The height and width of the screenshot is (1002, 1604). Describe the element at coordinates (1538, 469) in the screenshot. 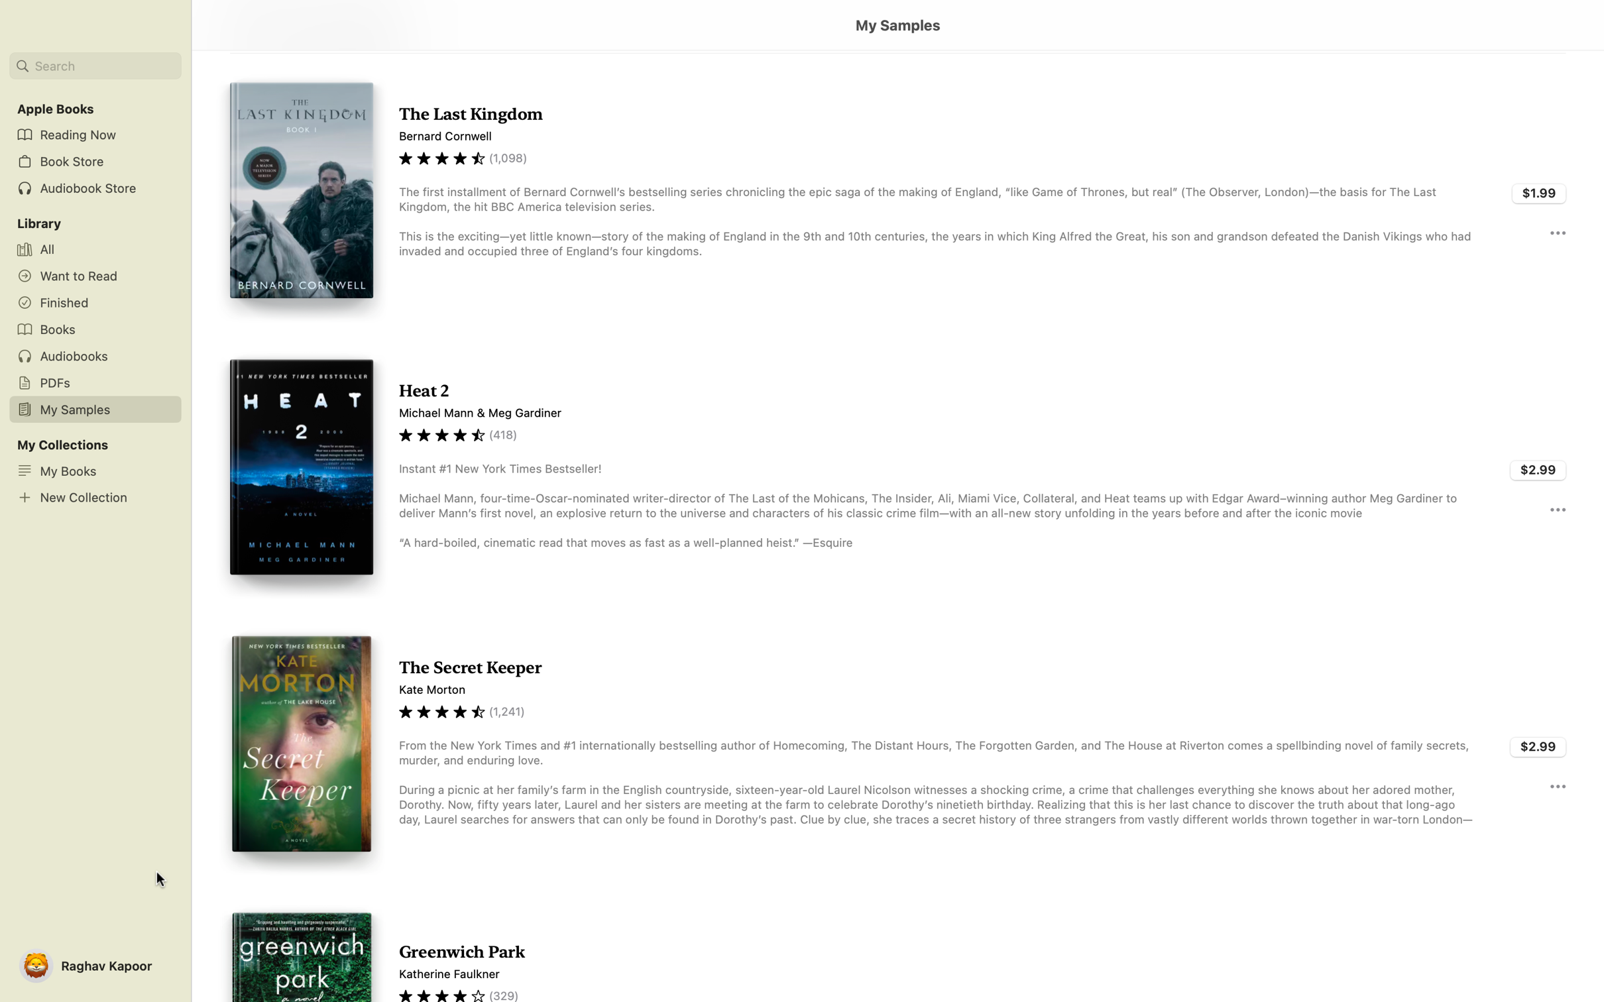

I see `Buy the book "Heat 2` at that location.